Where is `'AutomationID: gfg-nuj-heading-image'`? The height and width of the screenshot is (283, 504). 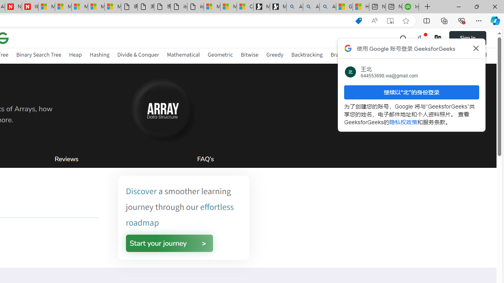 'AutomationID: gfg-nuj-heading-image' is located at coordinates (160, 109).